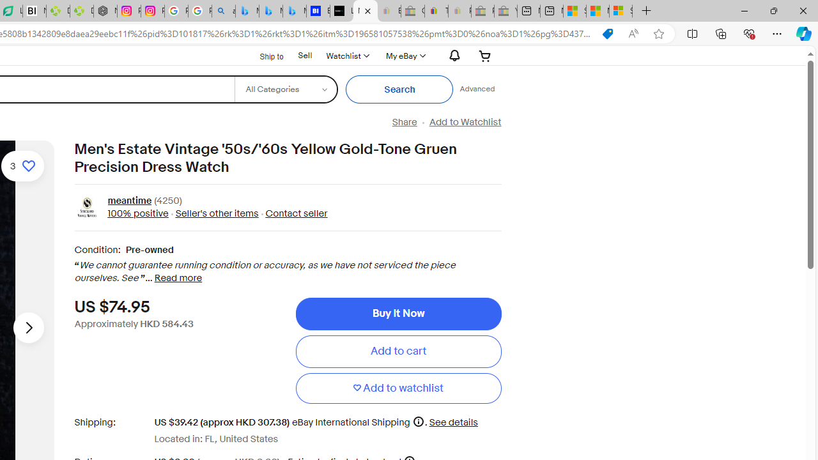 This screenshot has width=818, height=460. Describe the element at coordinates (482, 11) in the screenshot. I see `'Press Room - eBay Inc. - Sleeping'` at that location.